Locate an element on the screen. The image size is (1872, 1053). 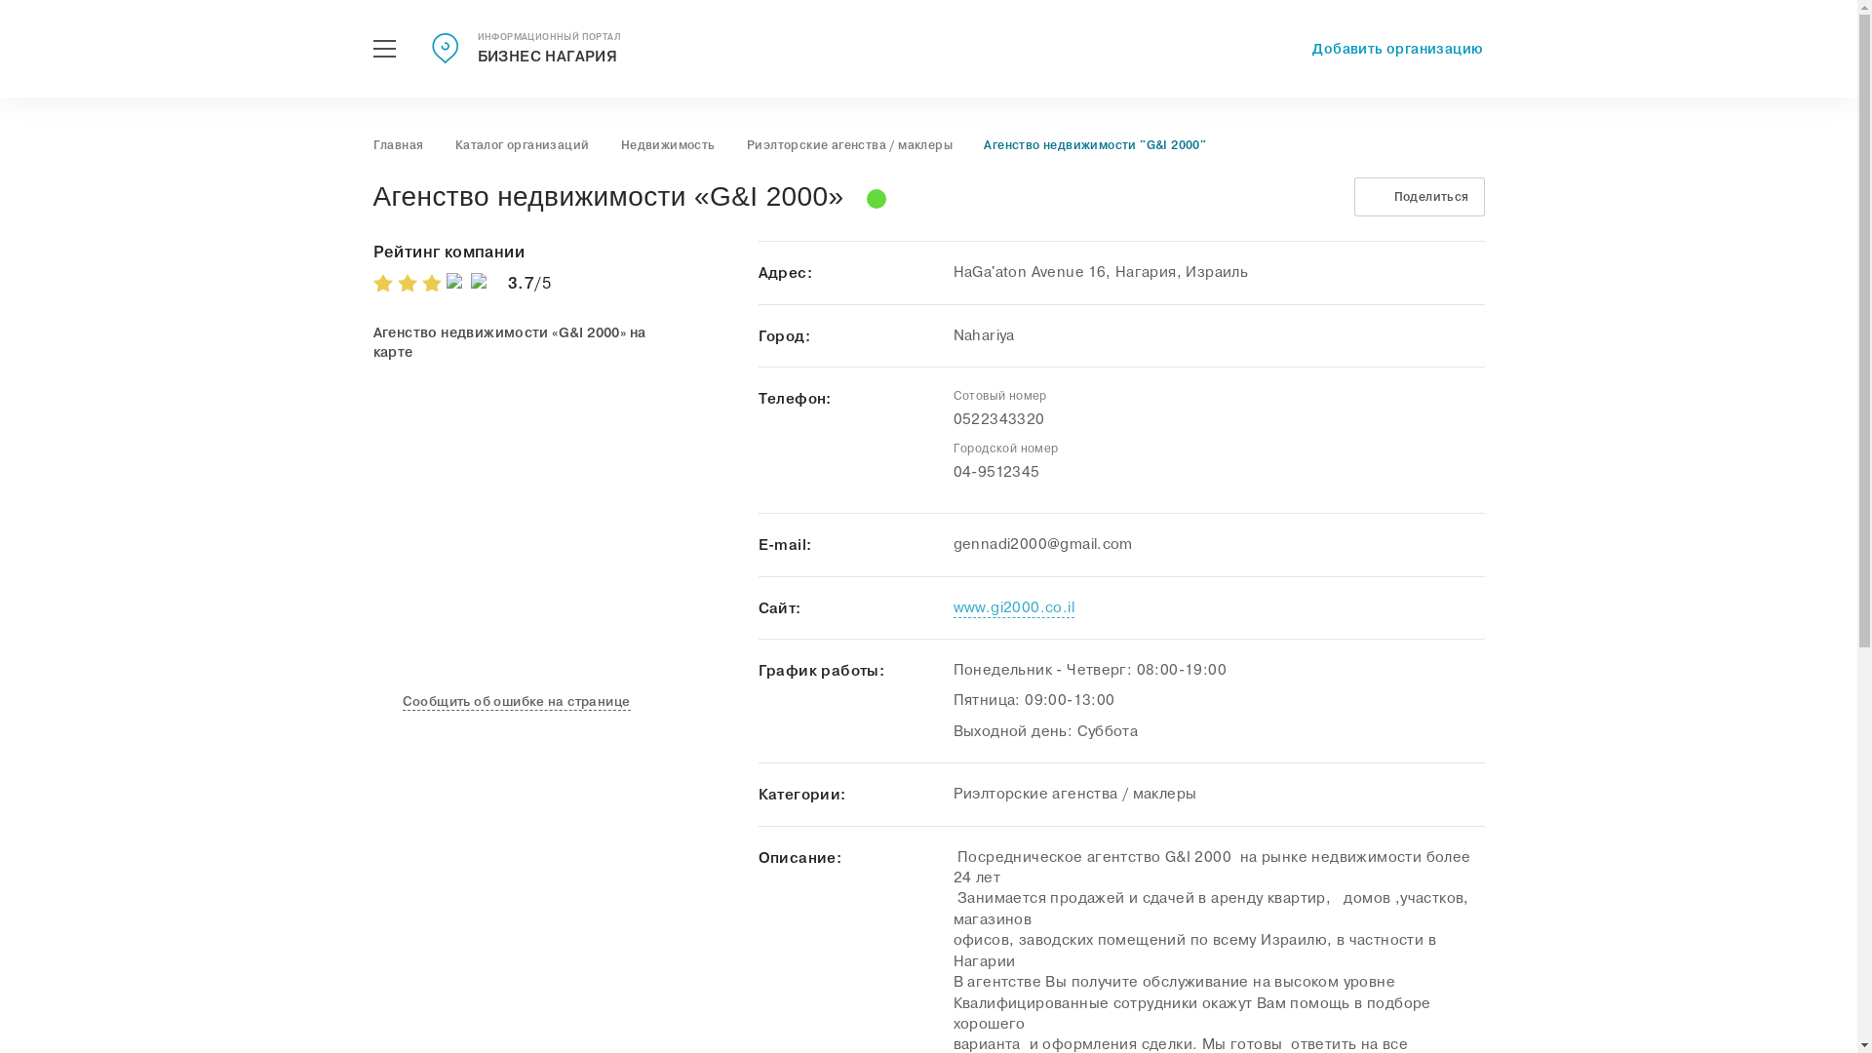
'www.gi2000.co.il' is located at coordinates (1014, 607).